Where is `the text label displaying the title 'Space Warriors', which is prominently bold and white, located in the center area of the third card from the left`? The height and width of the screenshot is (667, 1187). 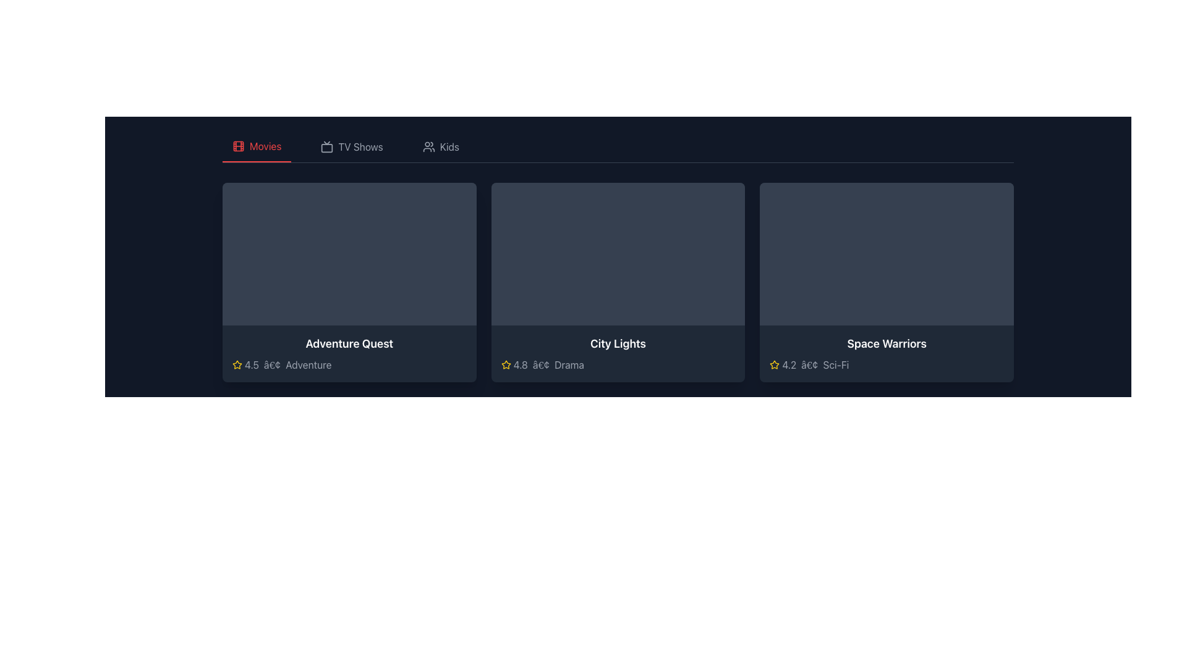
the text label displaying the title 'Space Warriors', which is prominently bold and white, located in the center area of the third card from the left is located at coordinates (886, 343).